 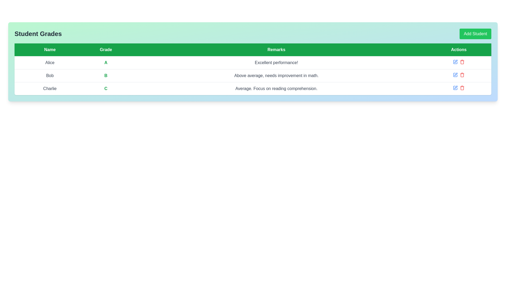 I want to click on the delete icon button located in the 'Actions' column of the row for the student 'Bob', so click(x=462, y=75).